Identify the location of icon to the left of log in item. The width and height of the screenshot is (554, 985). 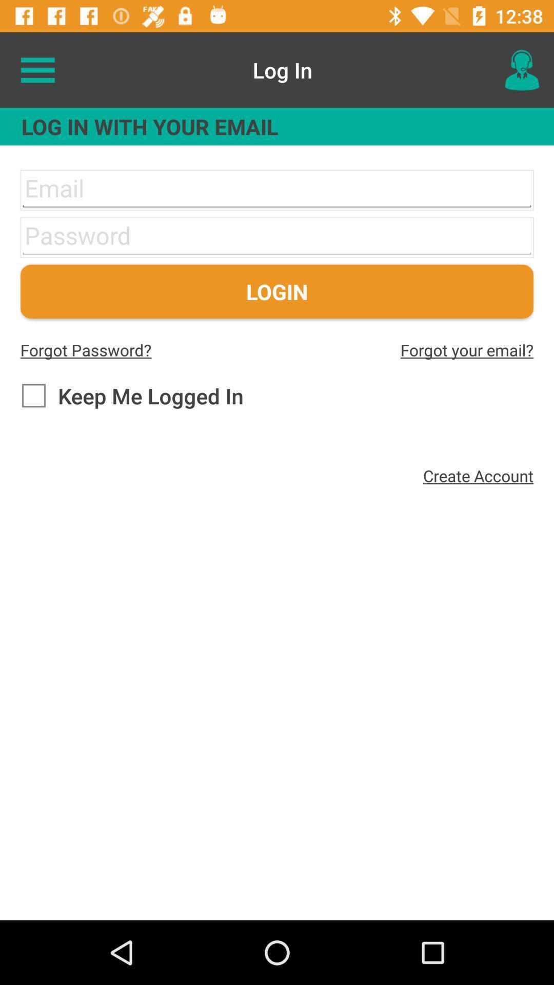
(37, 69).